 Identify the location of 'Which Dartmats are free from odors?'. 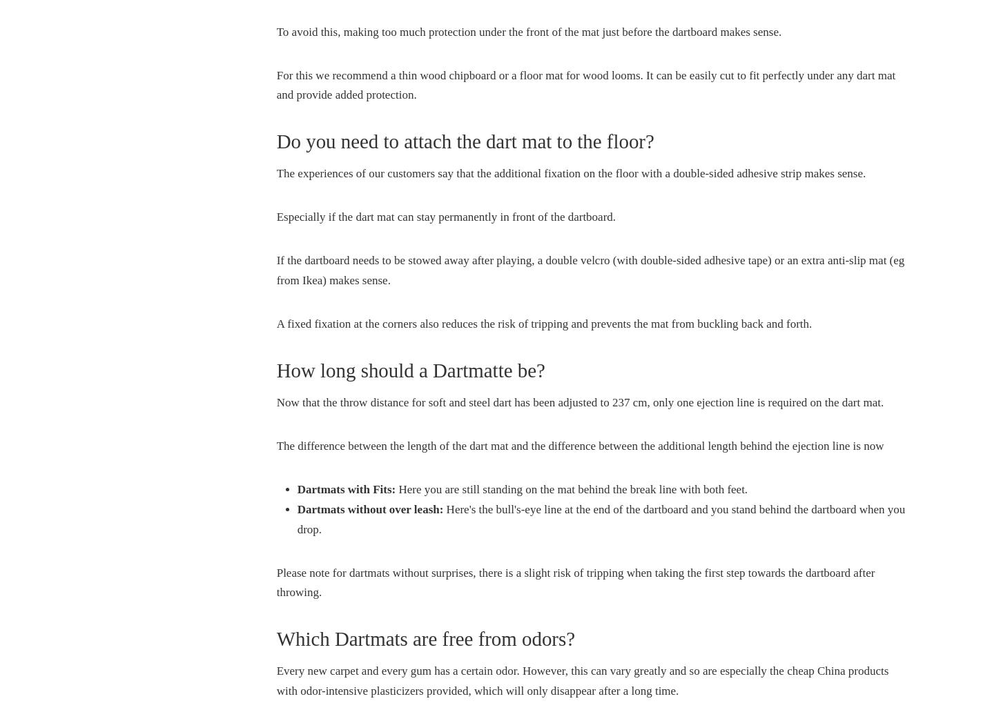
(425, 638).